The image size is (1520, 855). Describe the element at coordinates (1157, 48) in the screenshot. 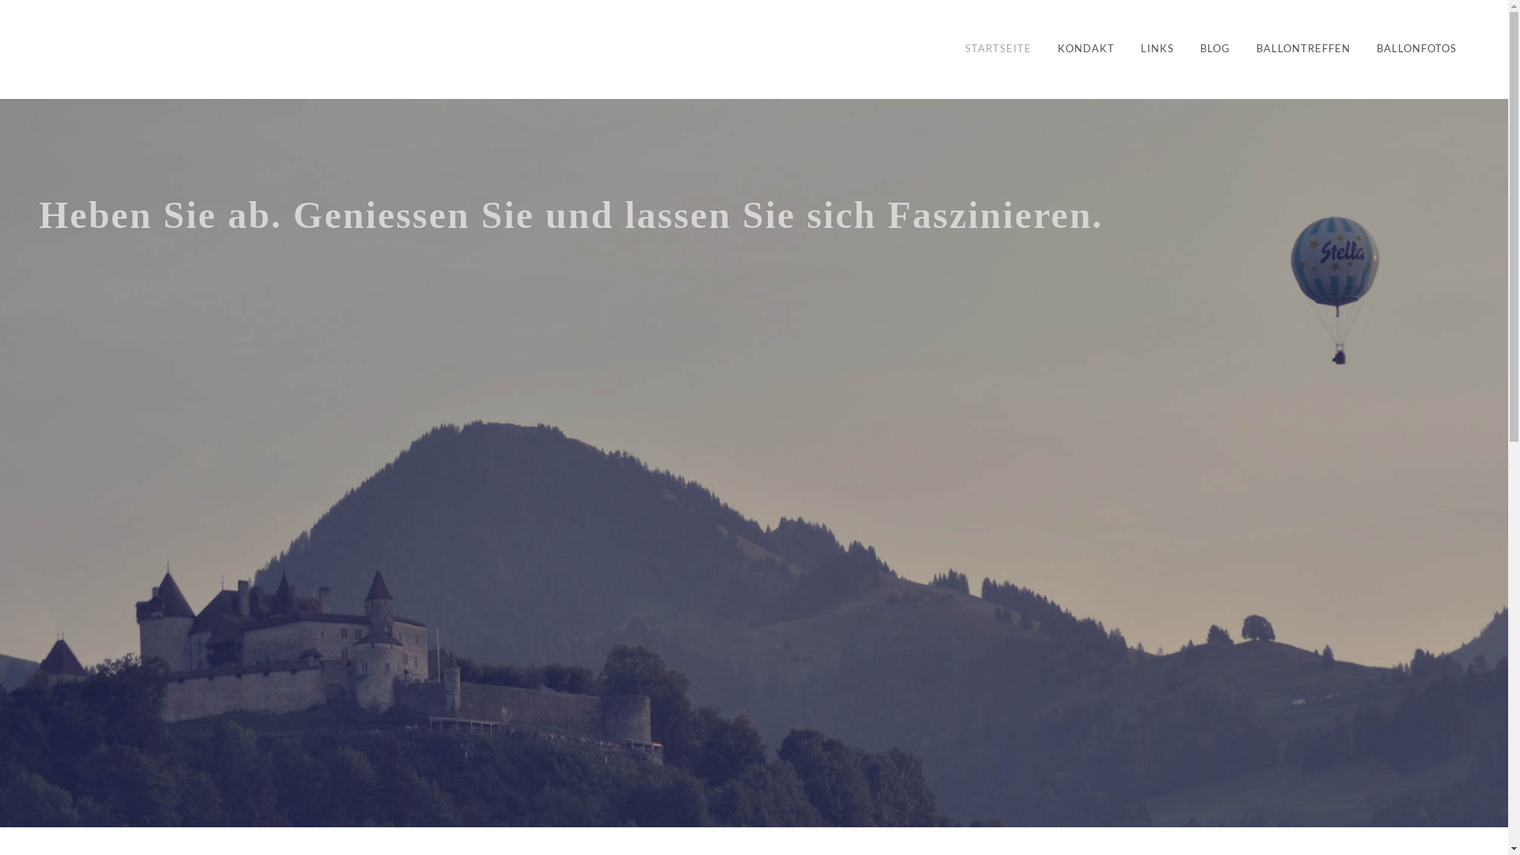

I see `'LINKS'` at that location.